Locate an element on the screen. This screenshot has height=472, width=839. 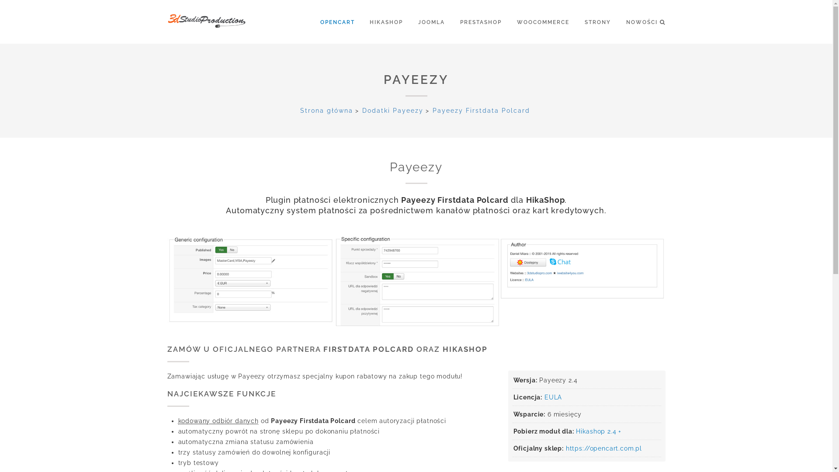
'JOOMLA' is located at coordinates (438, 21).